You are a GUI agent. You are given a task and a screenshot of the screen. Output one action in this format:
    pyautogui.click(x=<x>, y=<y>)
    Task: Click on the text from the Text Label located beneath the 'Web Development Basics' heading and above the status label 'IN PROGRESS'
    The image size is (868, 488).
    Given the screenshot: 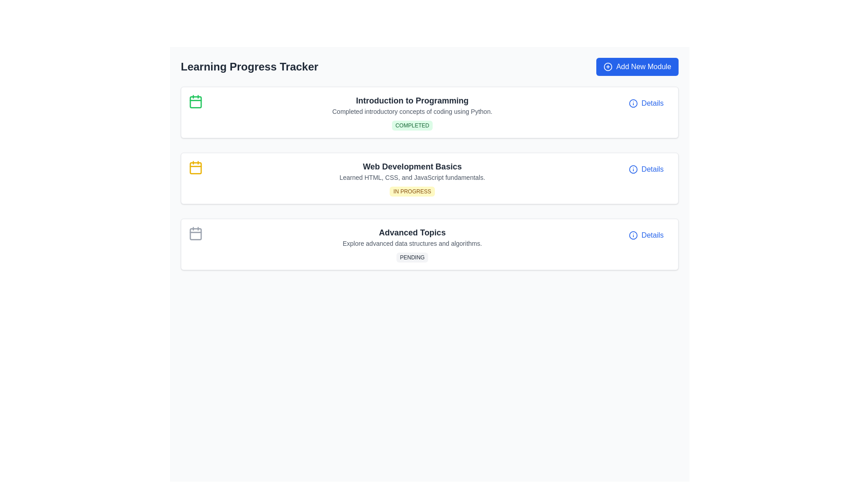 What is the action you would take?
    pyautogui.click(x=412, y=178)
    